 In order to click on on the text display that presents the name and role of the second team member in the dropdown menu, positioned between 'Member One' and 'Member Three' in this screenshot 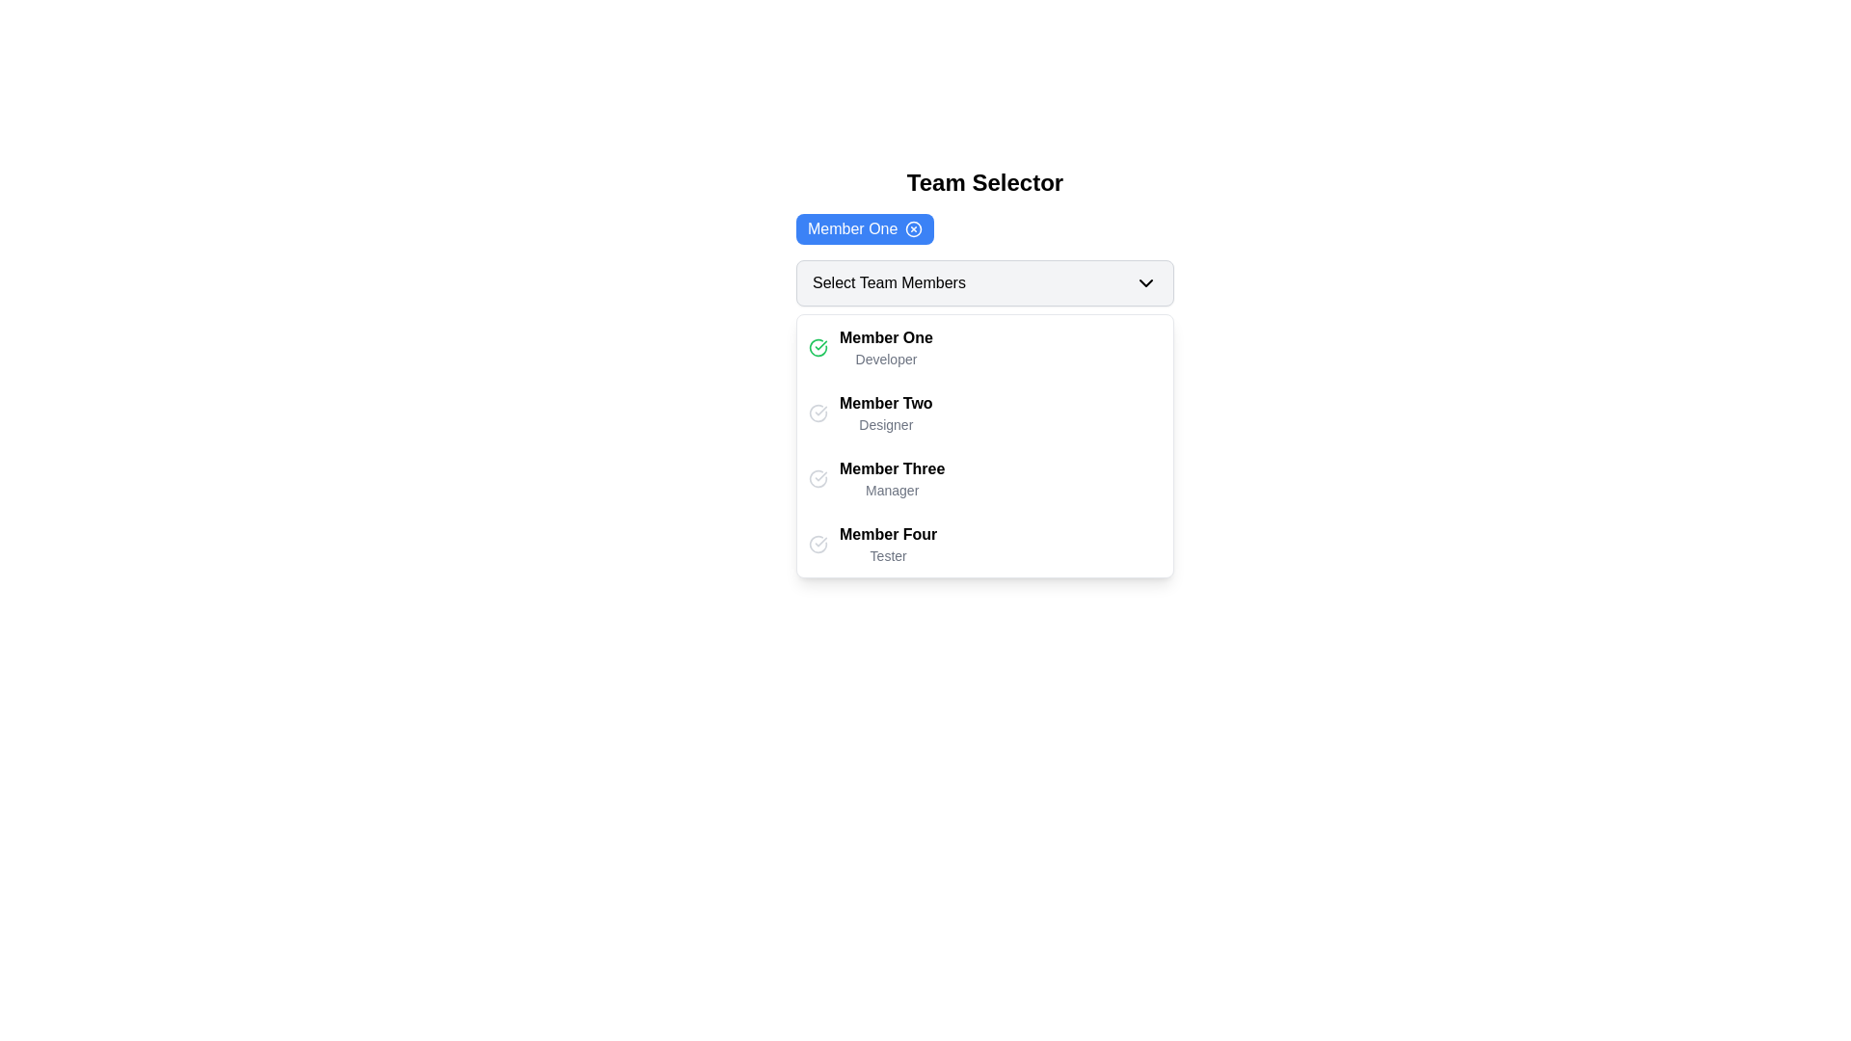, I will do `click(885, 412)`.